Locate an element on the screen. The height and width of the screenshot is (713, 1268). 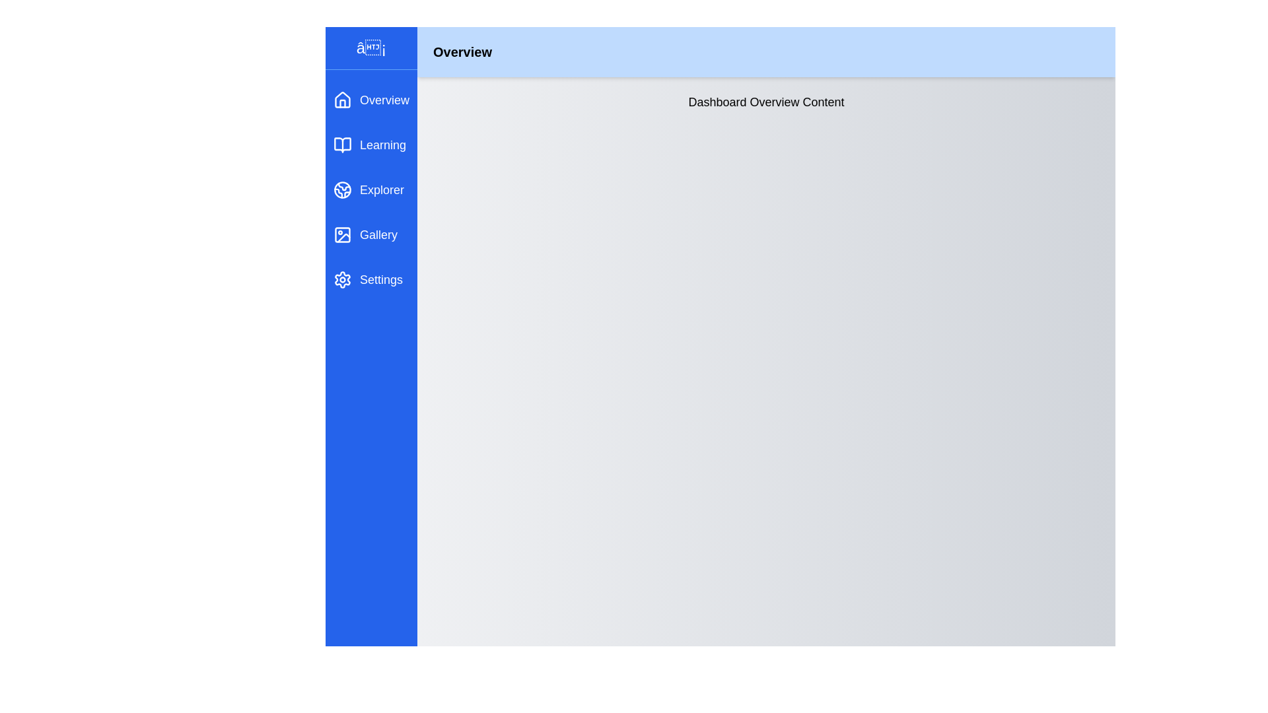
the 'Settings' text label located next to the gear icon in the vertical navigation menu is located at coordinates (380, 279).